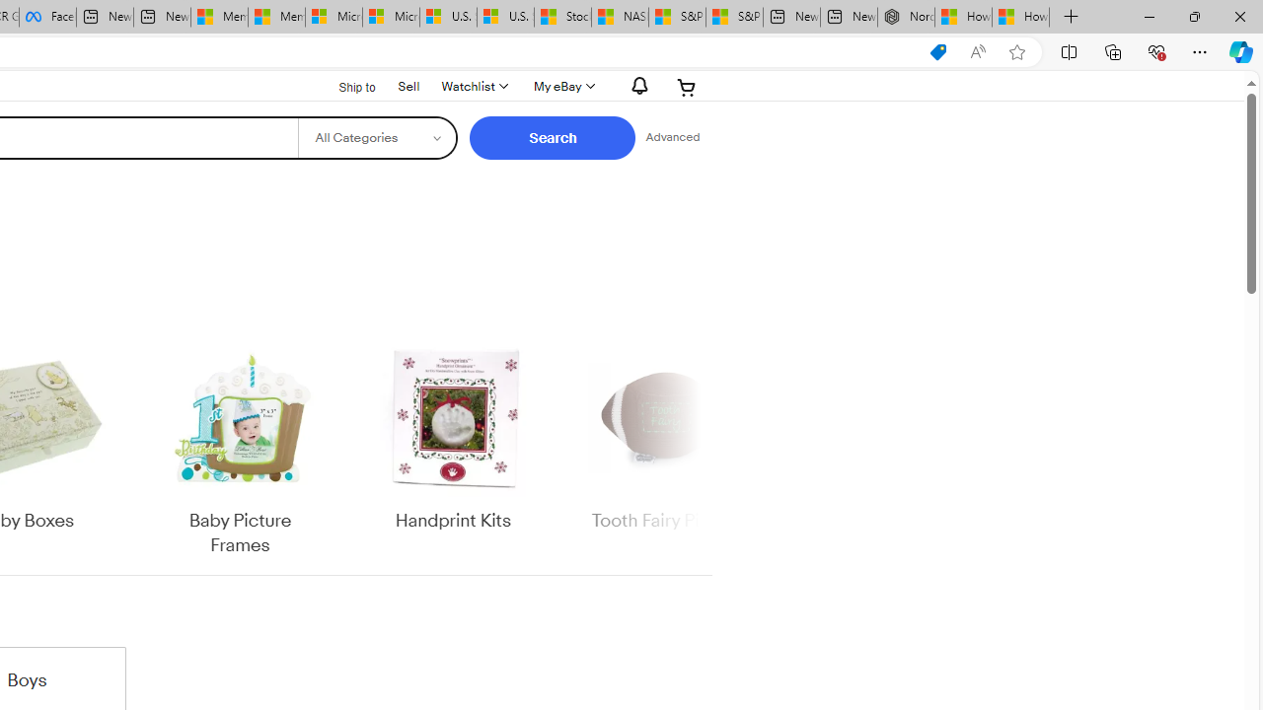 Image resolution: width=1263 pixels, height=710 pixels. What do you see at coordinates (1240, 50) in the screenshot?
I see `'Copilot (Ctrl+Shift+.)'` at bounding box center [1240, 50].